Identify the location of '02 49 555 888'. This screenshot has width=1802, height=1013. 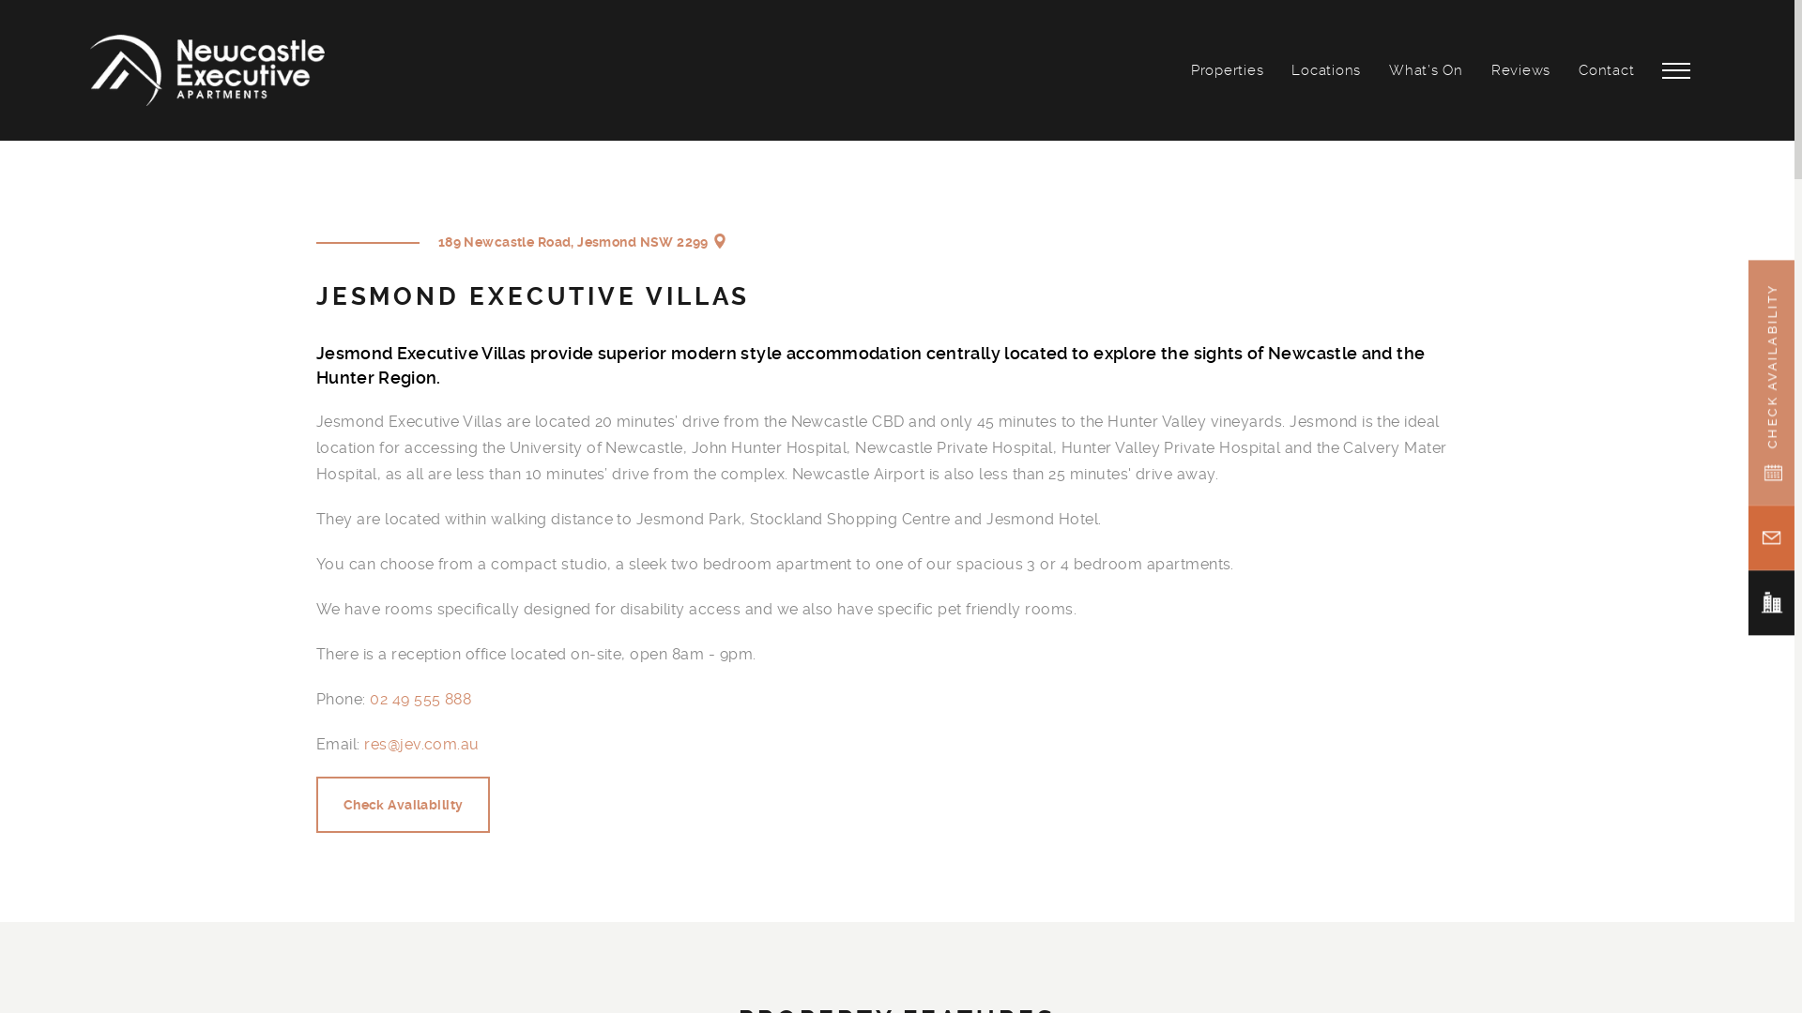
(369, 699).